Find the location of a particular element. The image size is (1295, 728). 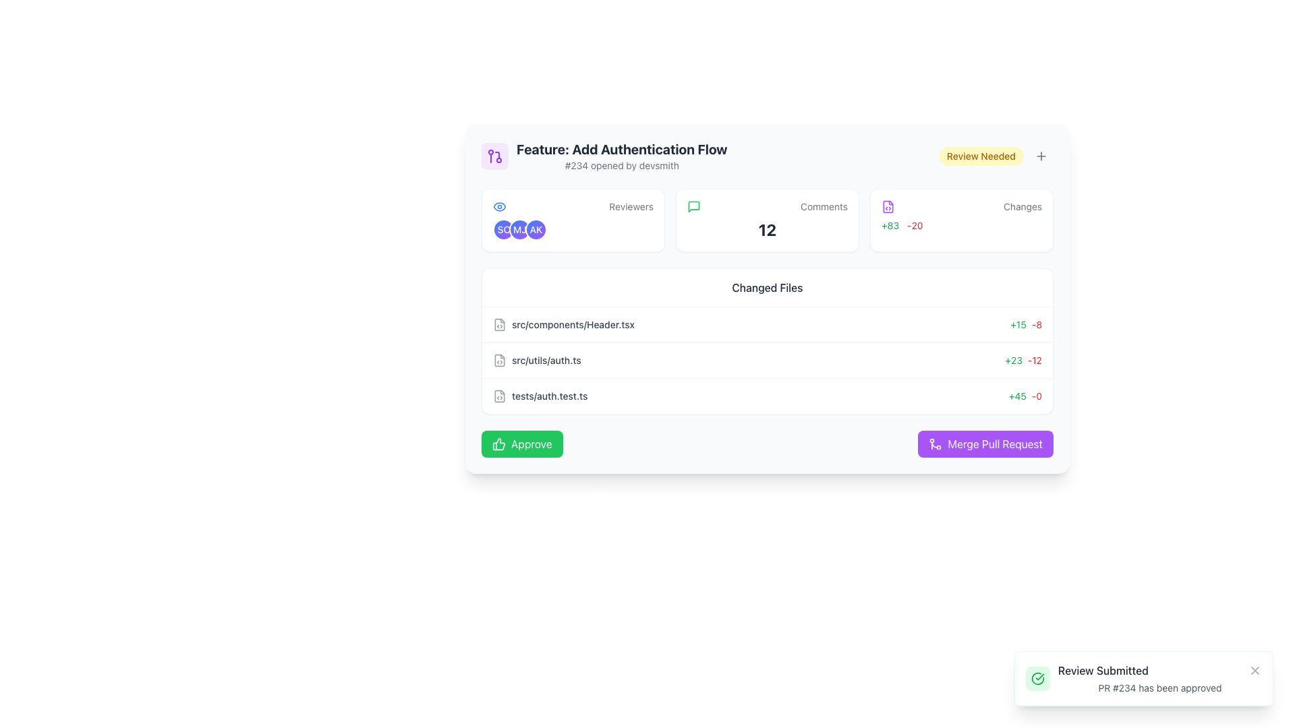

notification text of the Alert notification indicating that PR #234 was approved, located in the bottom-right corner of the interface is located at coordinates (1159, 678).